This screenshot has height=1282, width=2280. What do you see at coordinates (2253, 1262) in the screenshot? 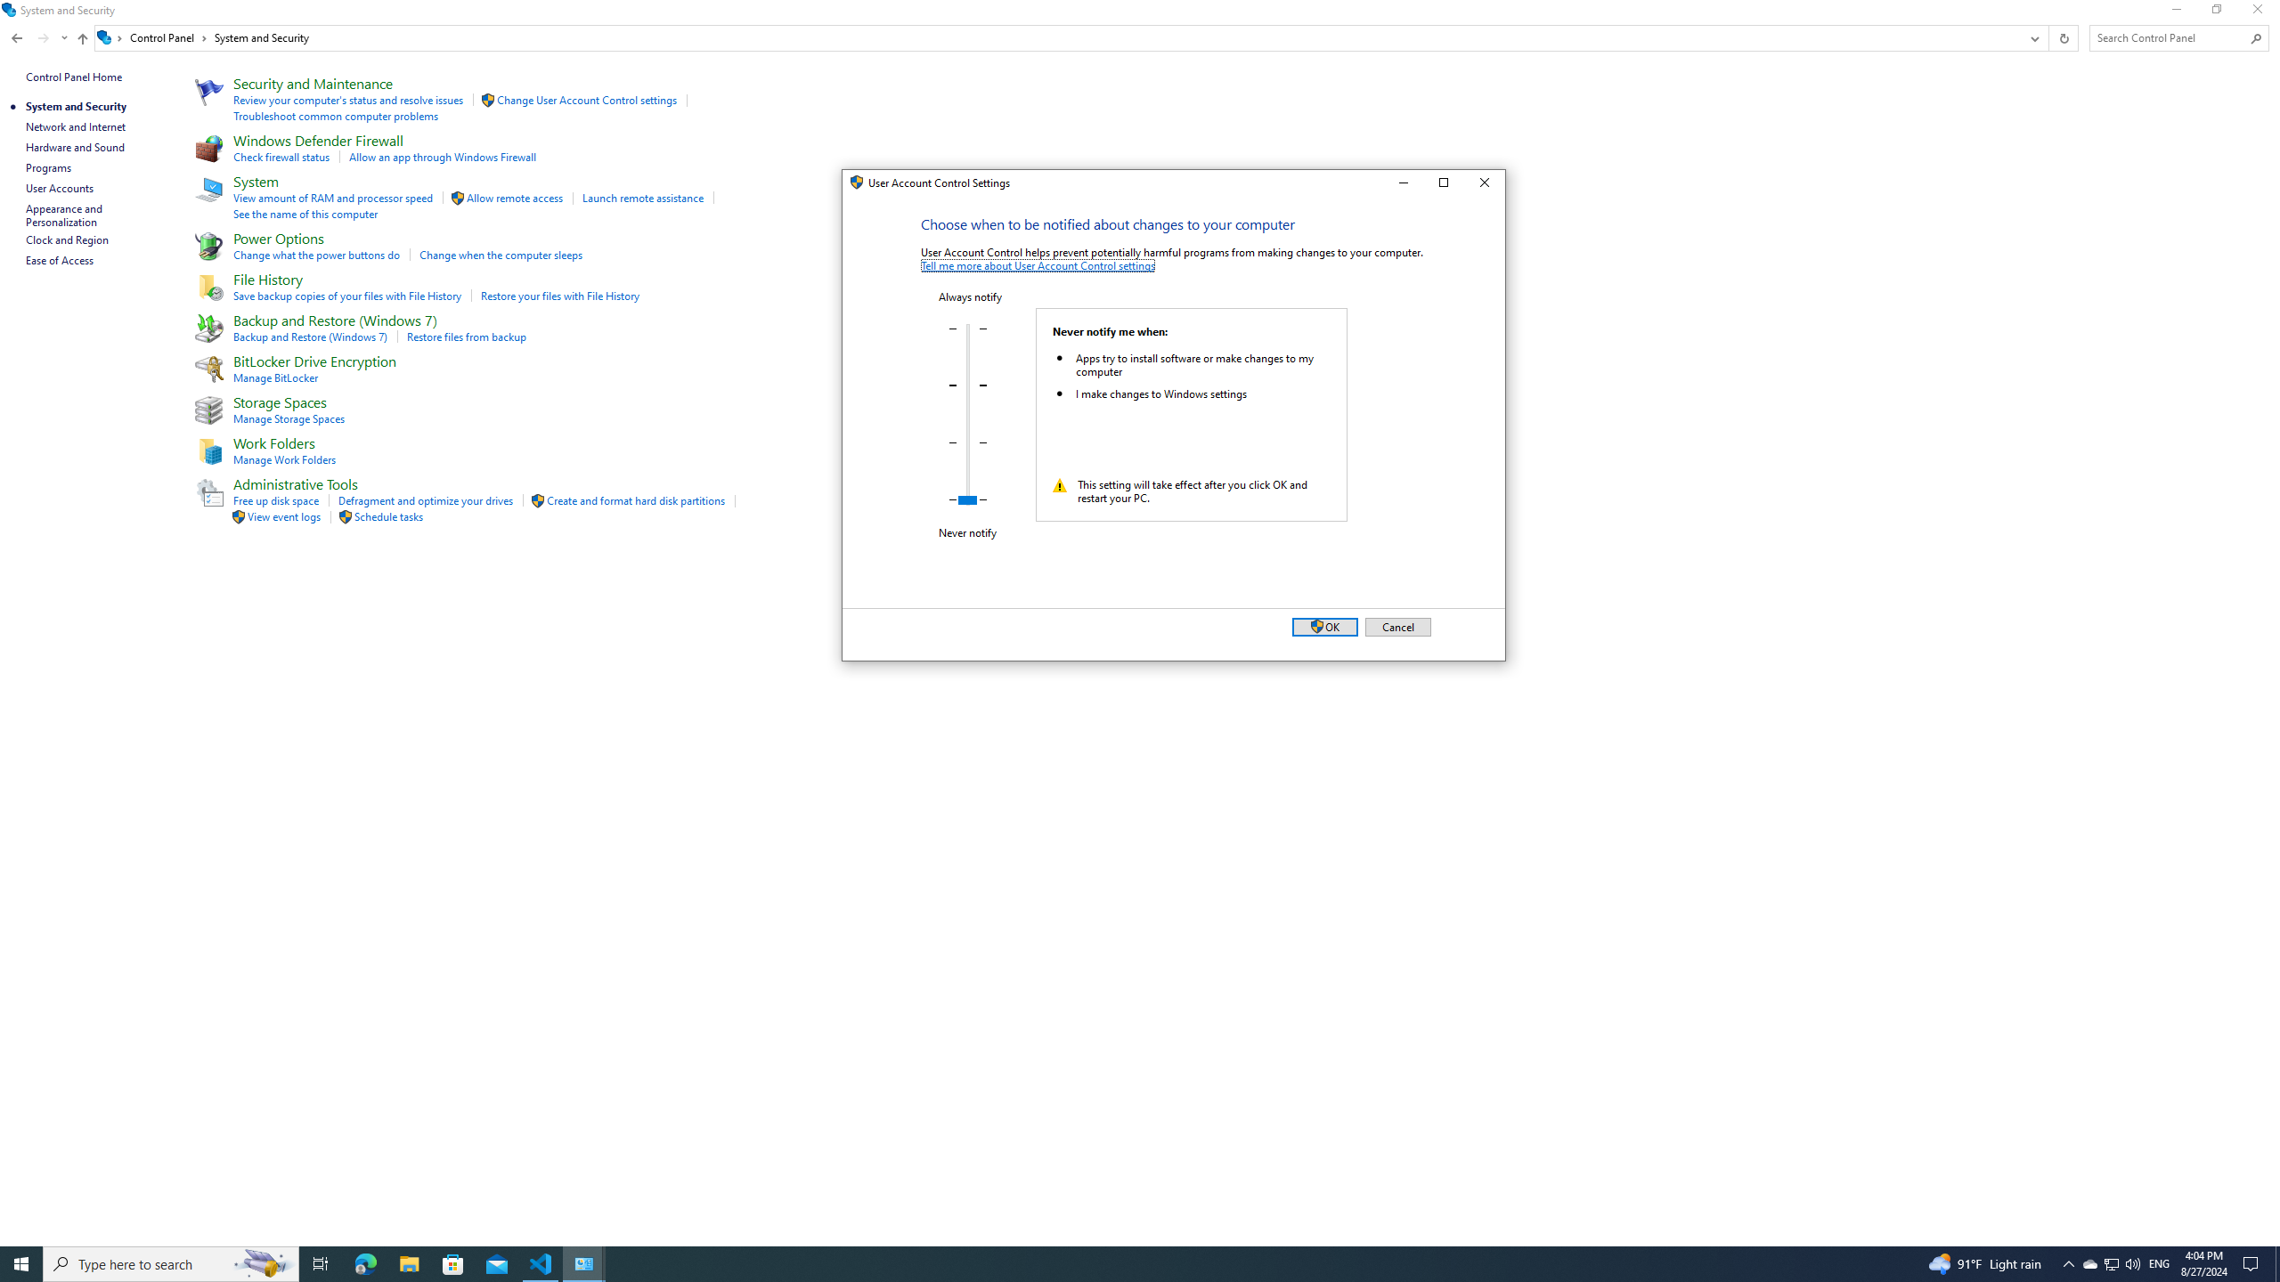
I see `'Action Center, No new notifications'` at bounding box center [2253, 1262].